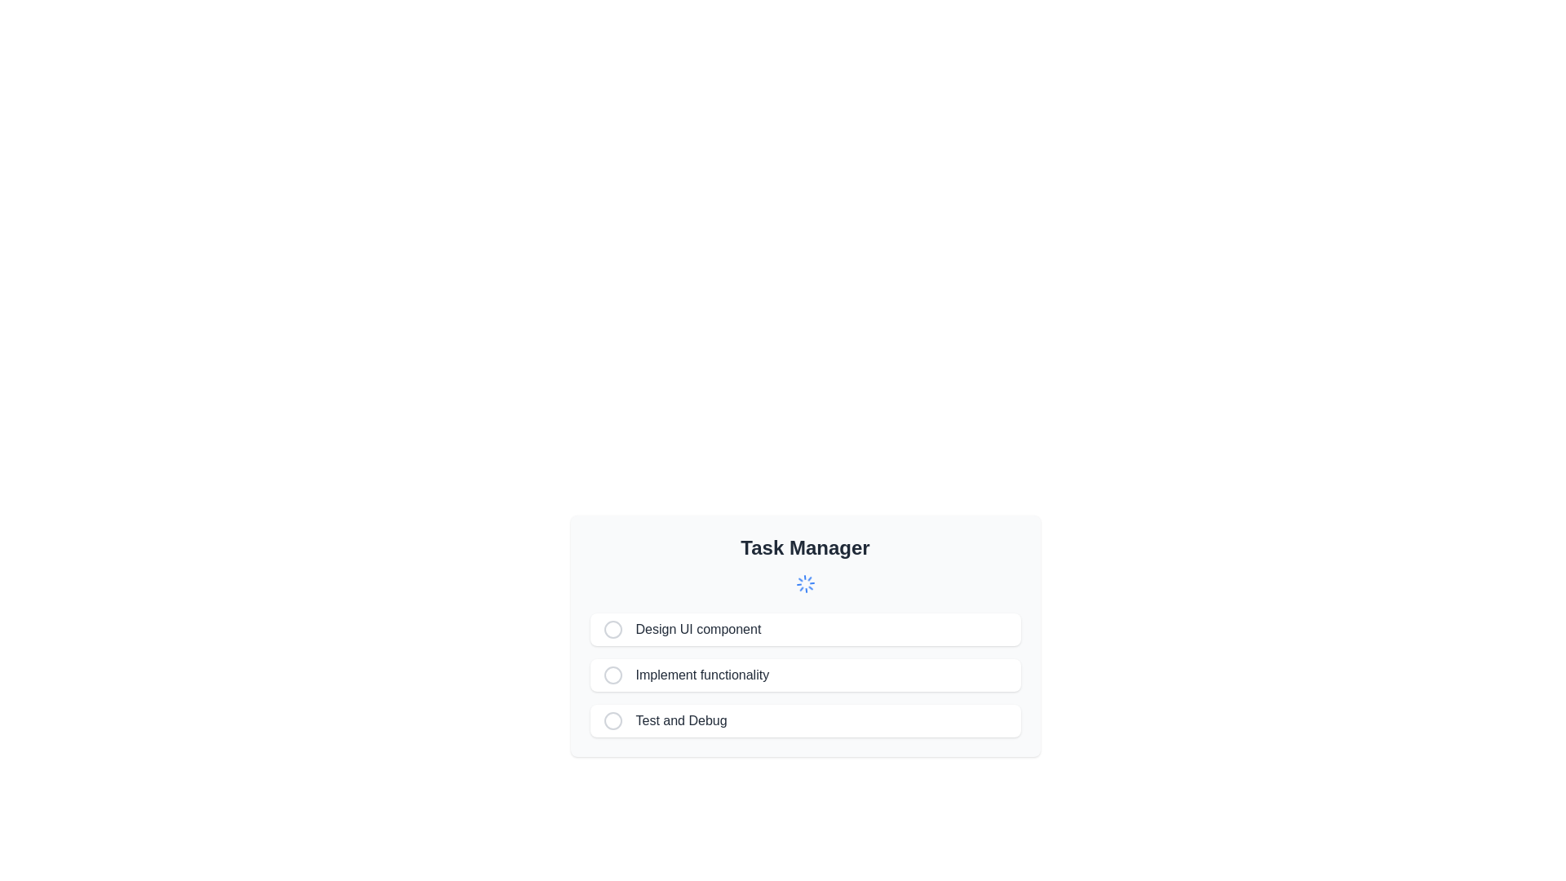 Image resolution: width=1566 pixels, height=881 pixels. Describe the element at coordinates (618, 628) in the screenshot. I see `the interactive checkbox to mark the task 'Design UI component' as completed` at that location.